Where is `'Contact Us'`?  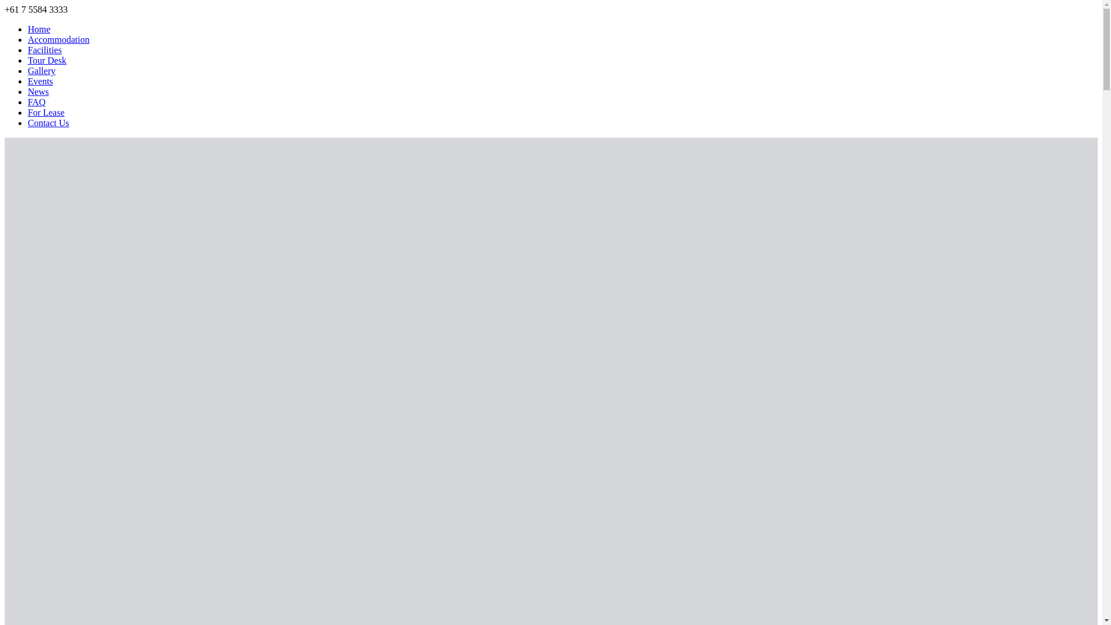
'Contact Us' is located at coordinates (47, 123).